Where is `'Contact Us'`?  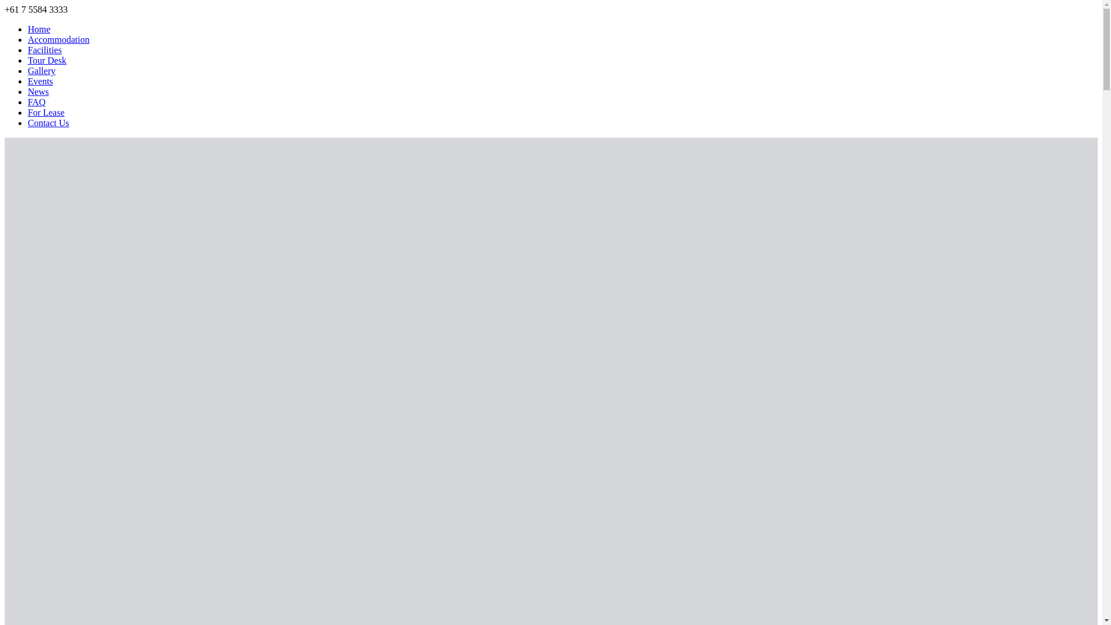
'Contact Us' is located at coordinates (47, 123).